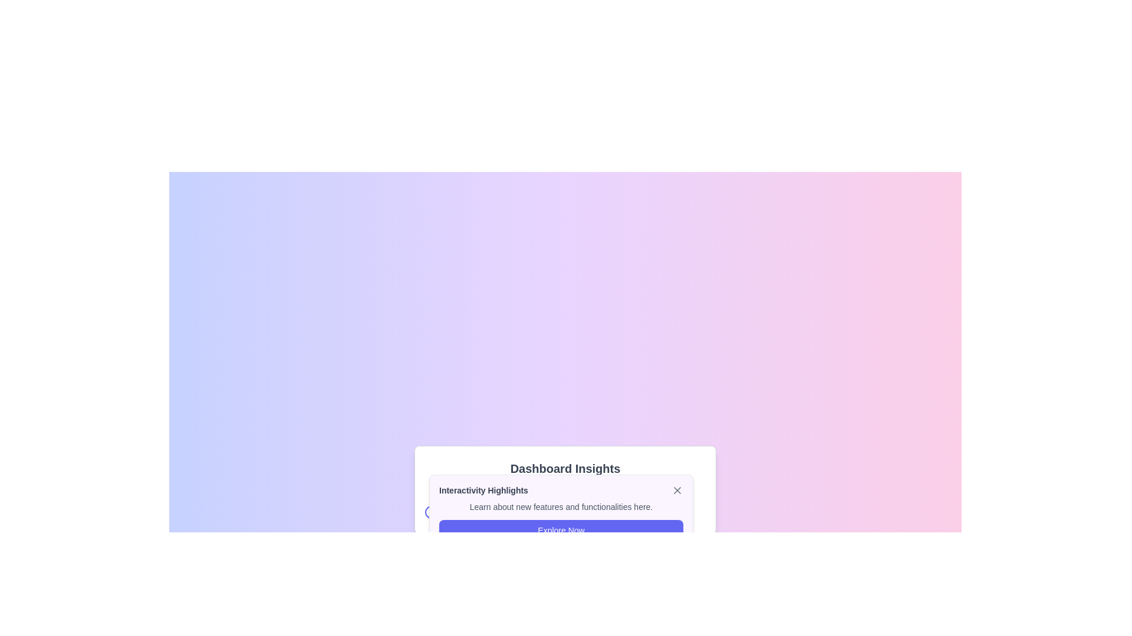 The height and width of the screenshot is (636, 1132). What do you see at coordinates (677, 491) in the screenshot?
I see `the close icon located in the top-right corner of the 'Dashboard Insights' modal, next to the 'Interactivity Highlights' subtitle` at bounding box center [677, 491].